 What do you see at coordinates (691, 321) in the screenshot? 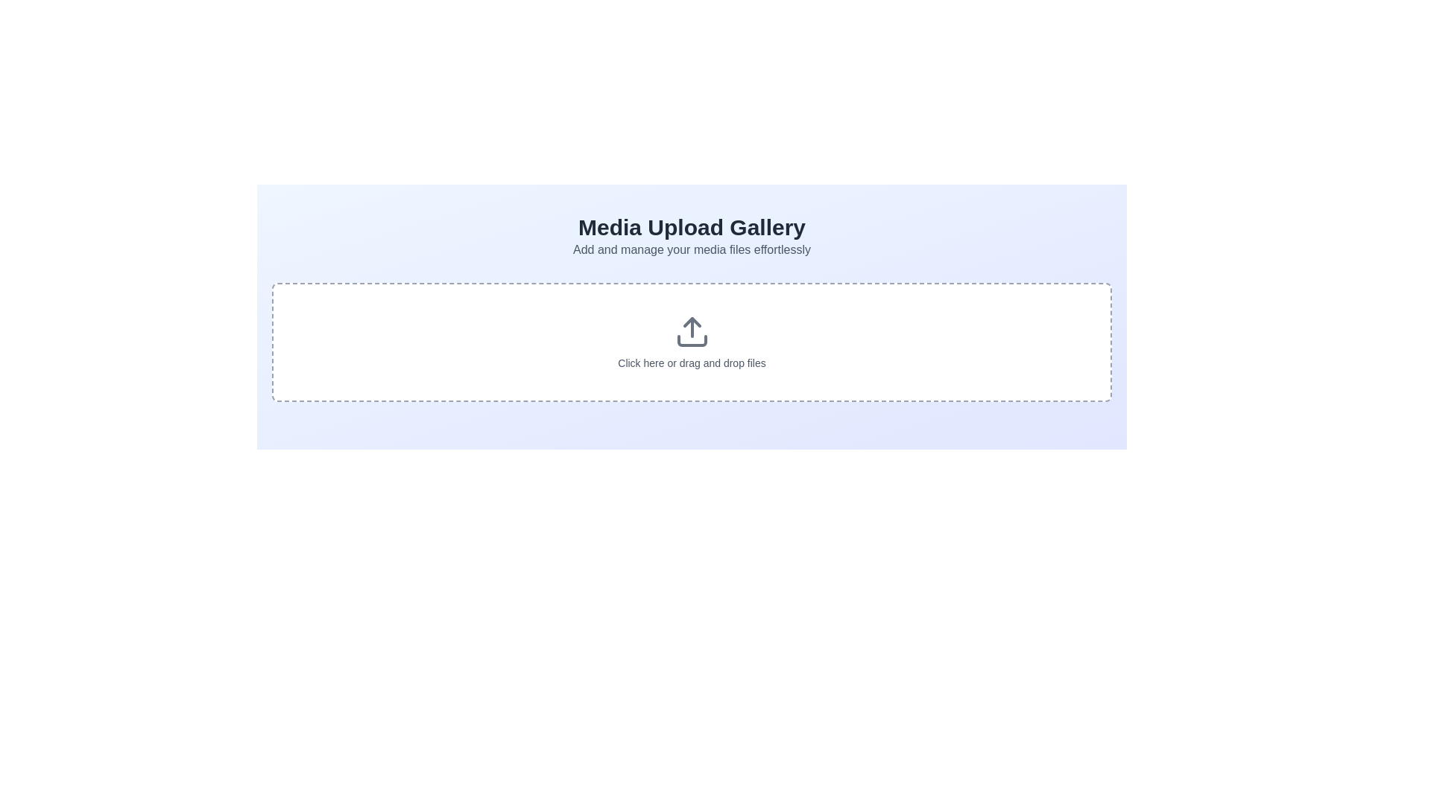
I see `the triangular arrowhead icon indicating upload functionality, which is the middle segment of the upload icon located in the outlined drag-and-drop area` at bounding box center [691, 321].